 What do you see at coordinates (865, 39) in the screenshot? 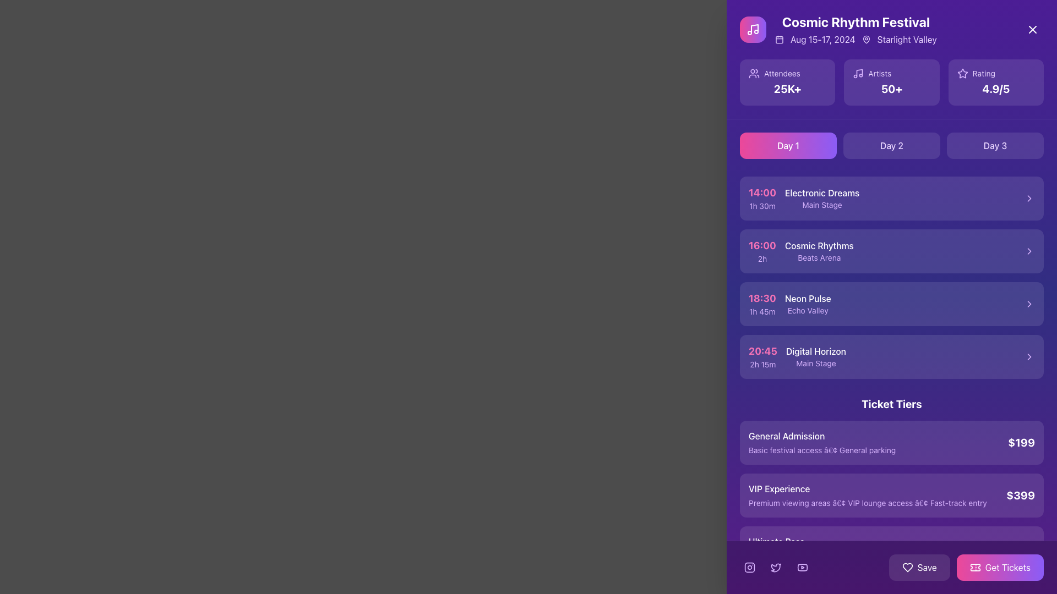
I see `the vibrant location pin icon located in the header section, positioned to the right of the event dates and below the event title` at bounding box center [865, 39].